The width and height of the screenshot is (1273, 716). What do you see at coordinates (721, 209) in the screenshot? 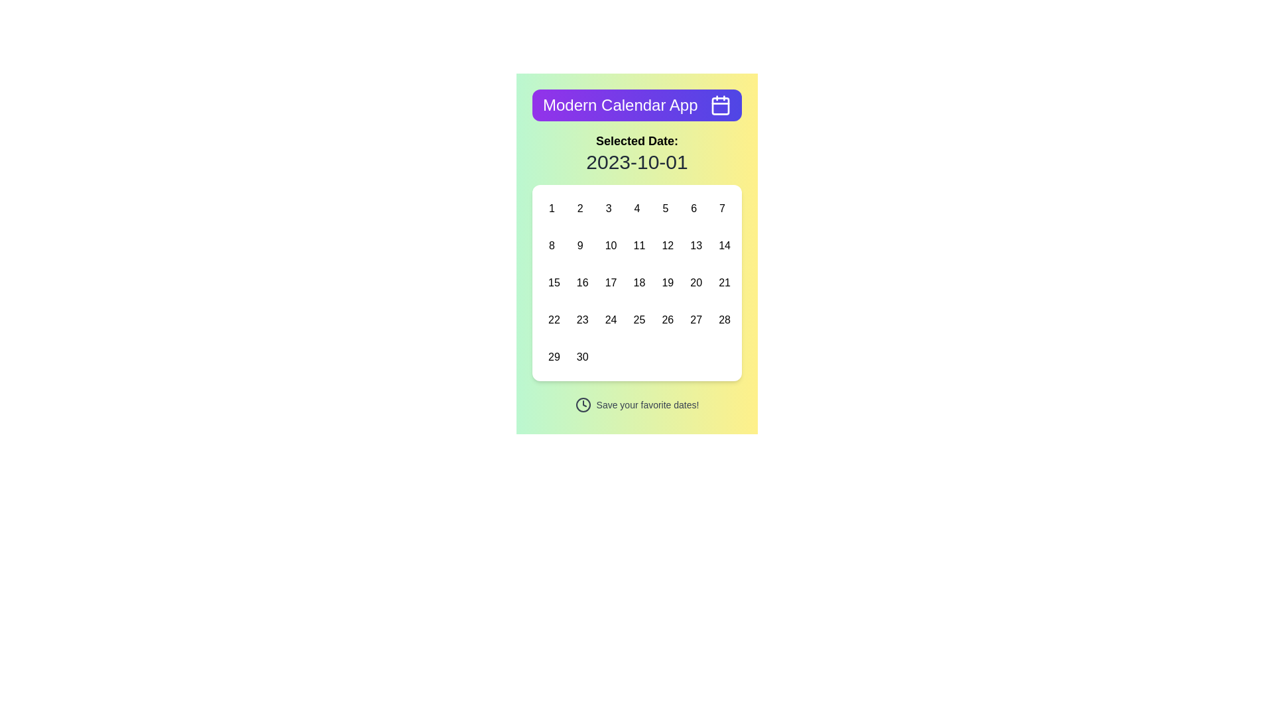
I see `the square button with rounded corners displaying the numeral '7' to observe its hover effect` at bounding box center [721, 209].